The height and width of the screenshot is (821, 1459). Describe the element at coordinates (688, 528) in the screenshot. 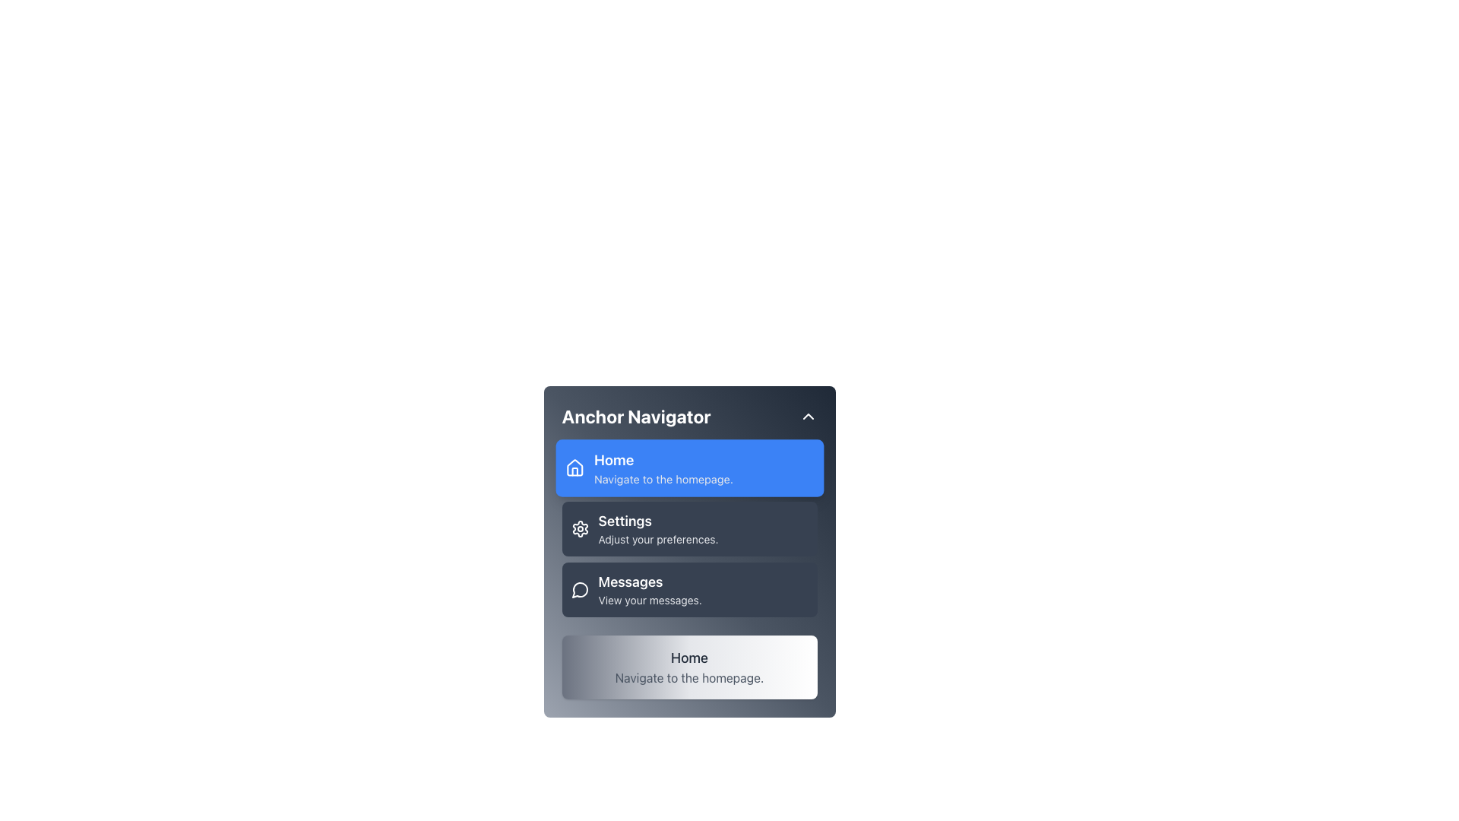

I see `the 'Settings' button with a dark gray background and a gear icon` at that location.